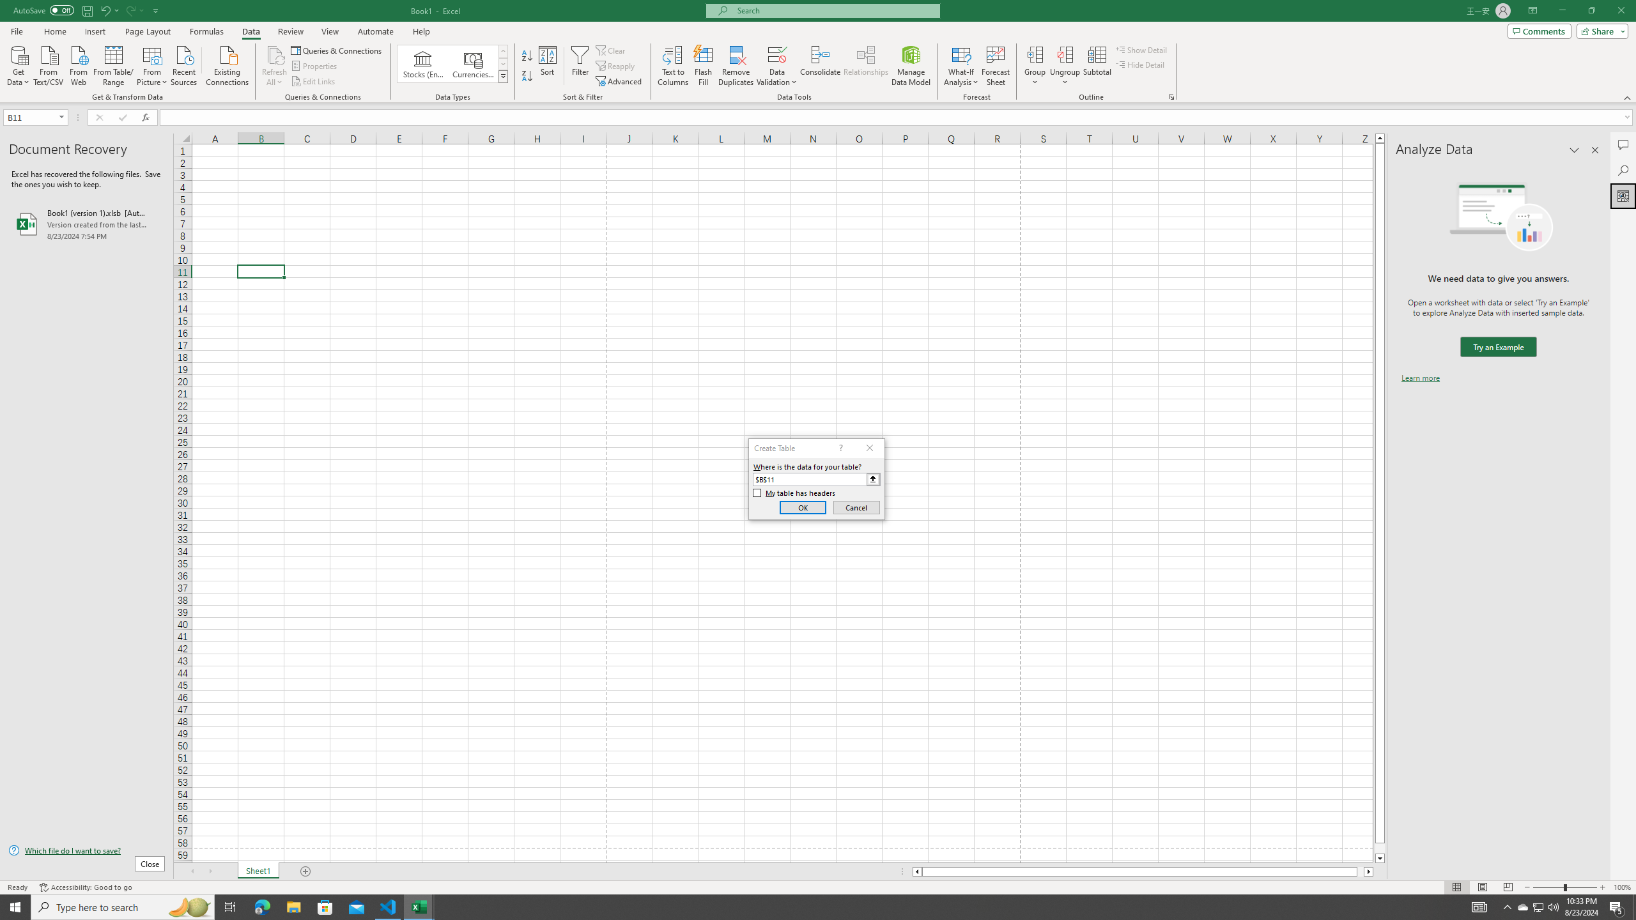  I want to click on 'Data Types', so click(503, 75).